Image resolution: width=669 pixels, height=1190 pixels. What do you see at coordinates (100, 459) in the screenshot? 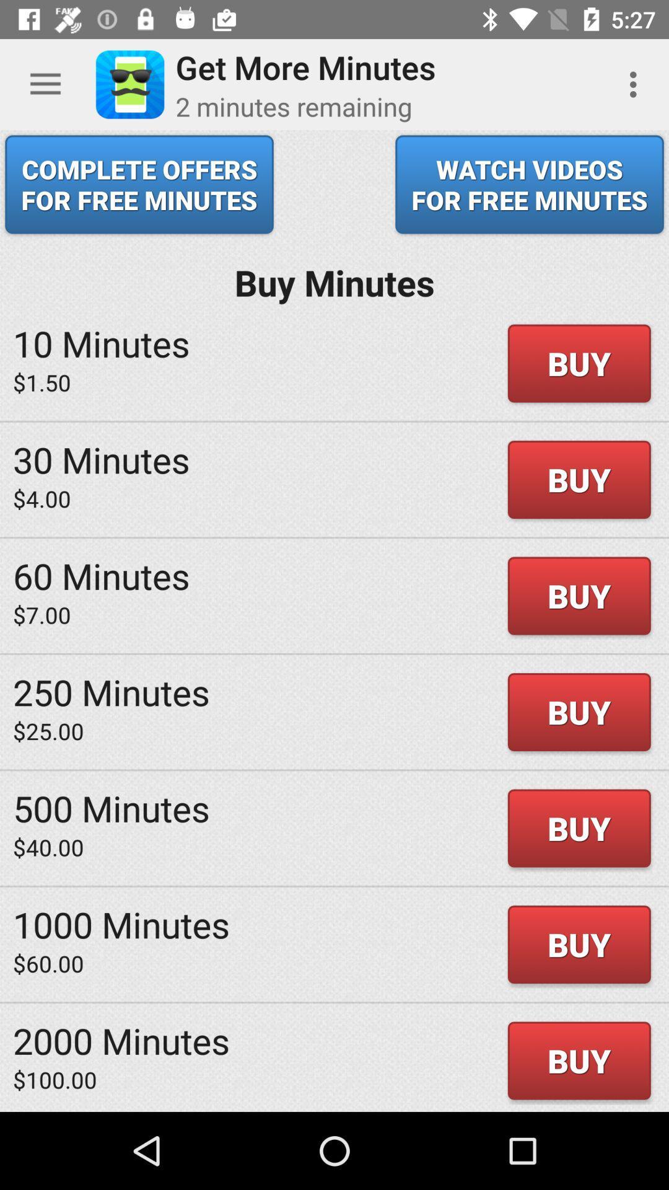
I see `the icon below $1.50` at bounding box center [100, 459].